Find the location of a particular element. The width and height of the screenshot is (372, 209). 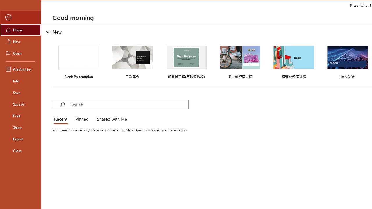

'Info' is located at coordinates (21, 81).